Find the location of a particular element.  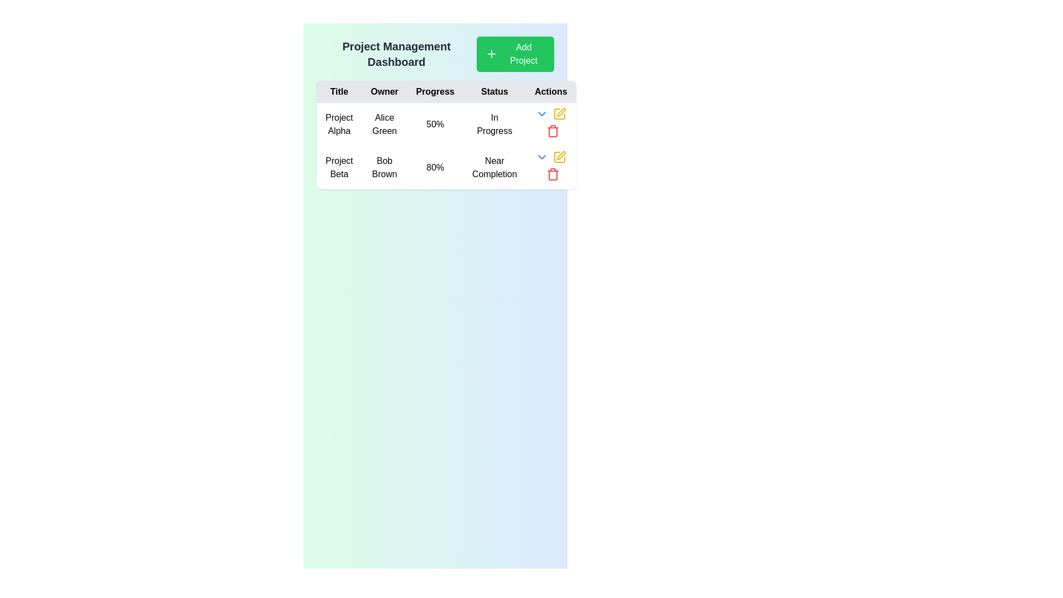

the static text label that displays 'In Progress' in the 'Status' column for 'Project Alpha' in the table is located at coordinates (494, 124).